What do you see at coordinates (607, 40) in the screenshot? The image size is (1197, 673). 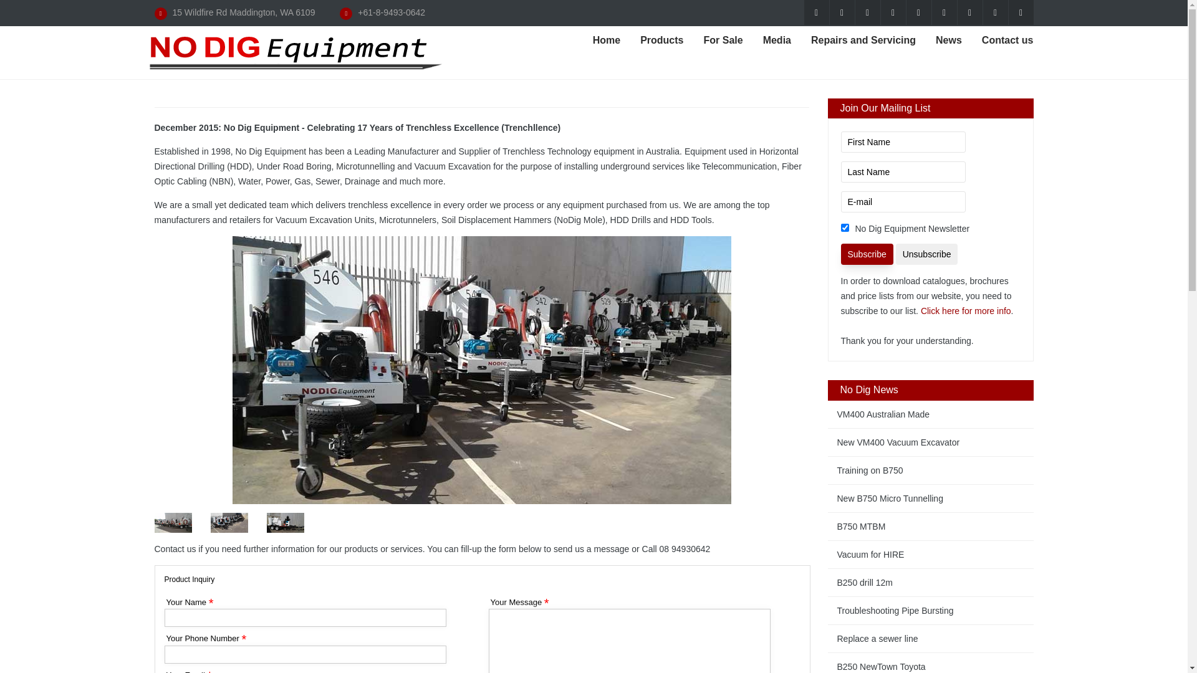 I see `'Home'` at bounding box center [607, 40].